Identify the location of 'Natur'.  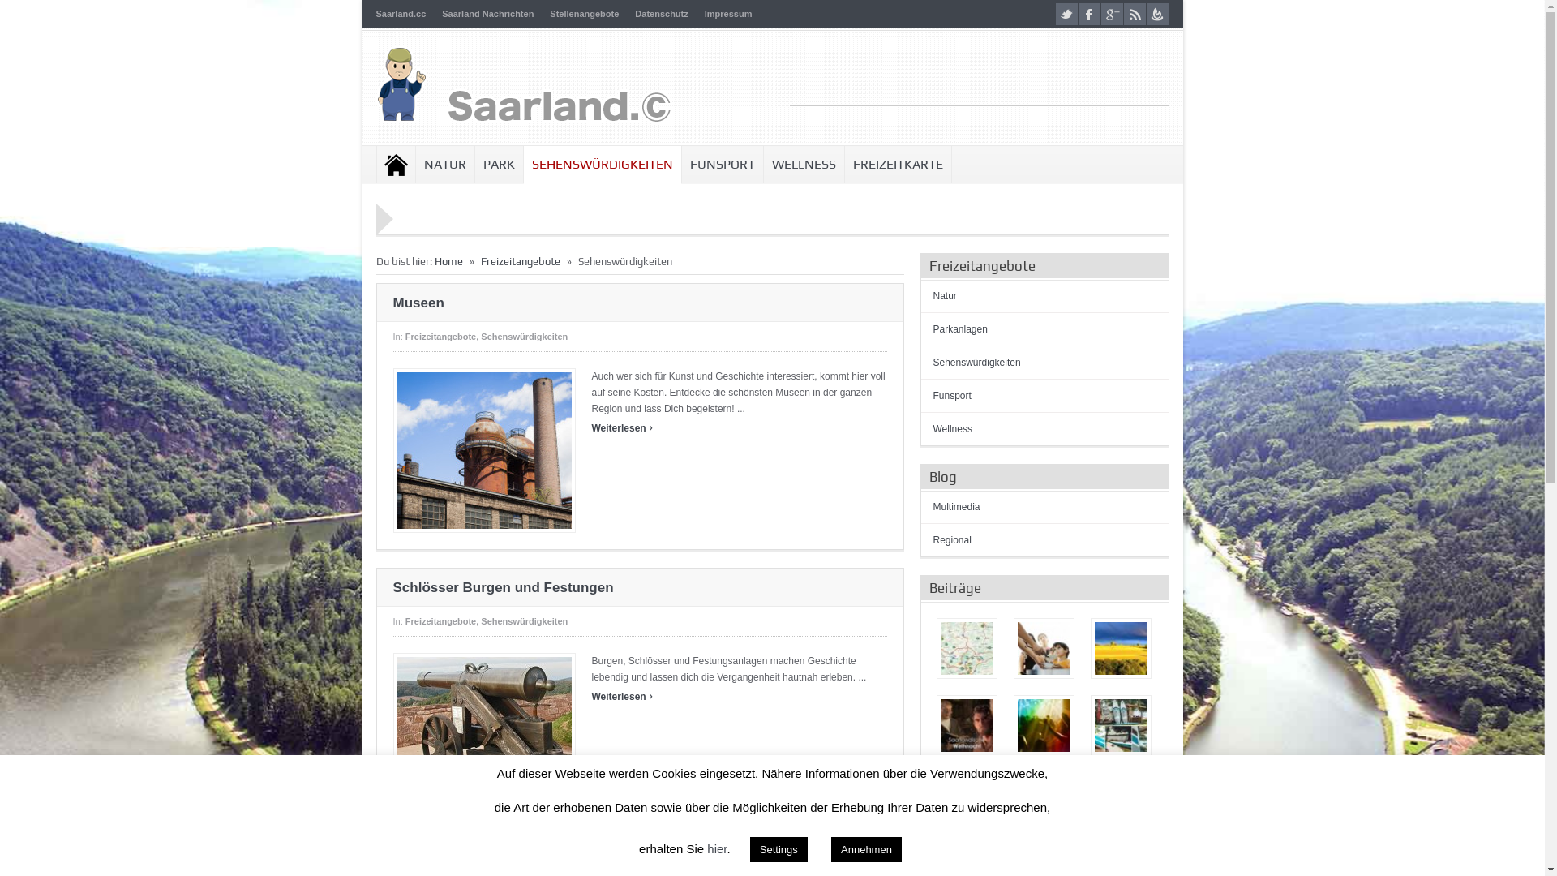
(933, 296).